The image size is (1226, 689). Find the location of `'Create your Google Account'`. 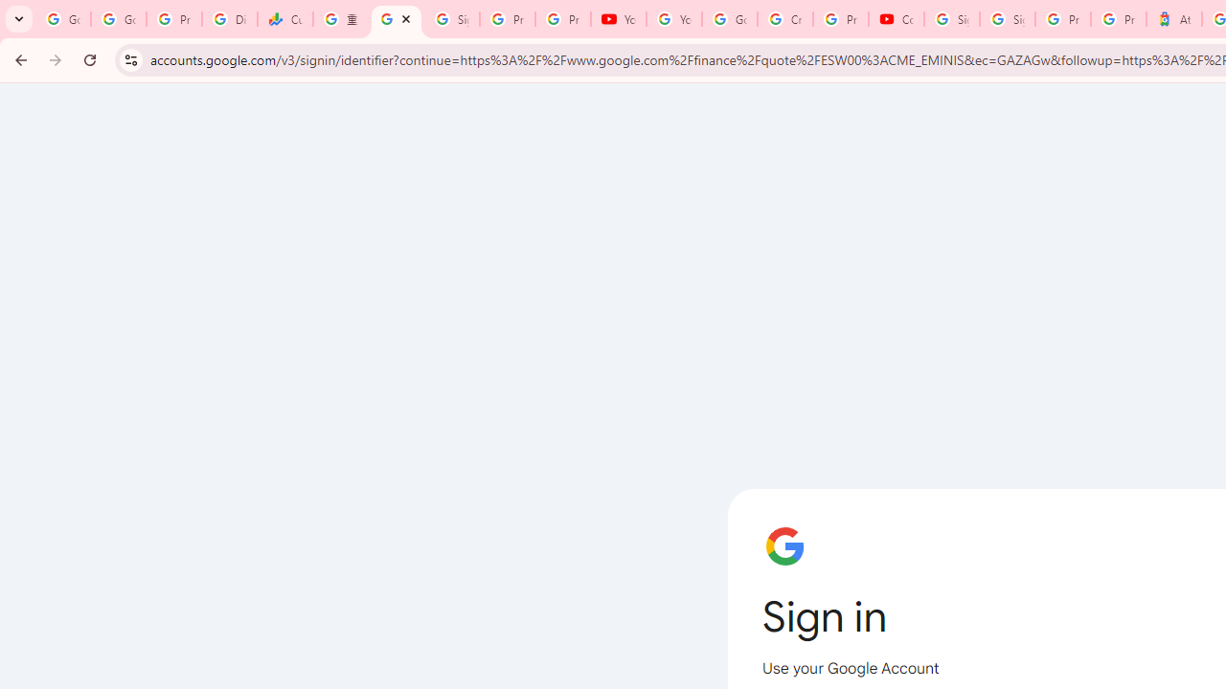

'Create your Google Account' is located at coordinates (784, 19).